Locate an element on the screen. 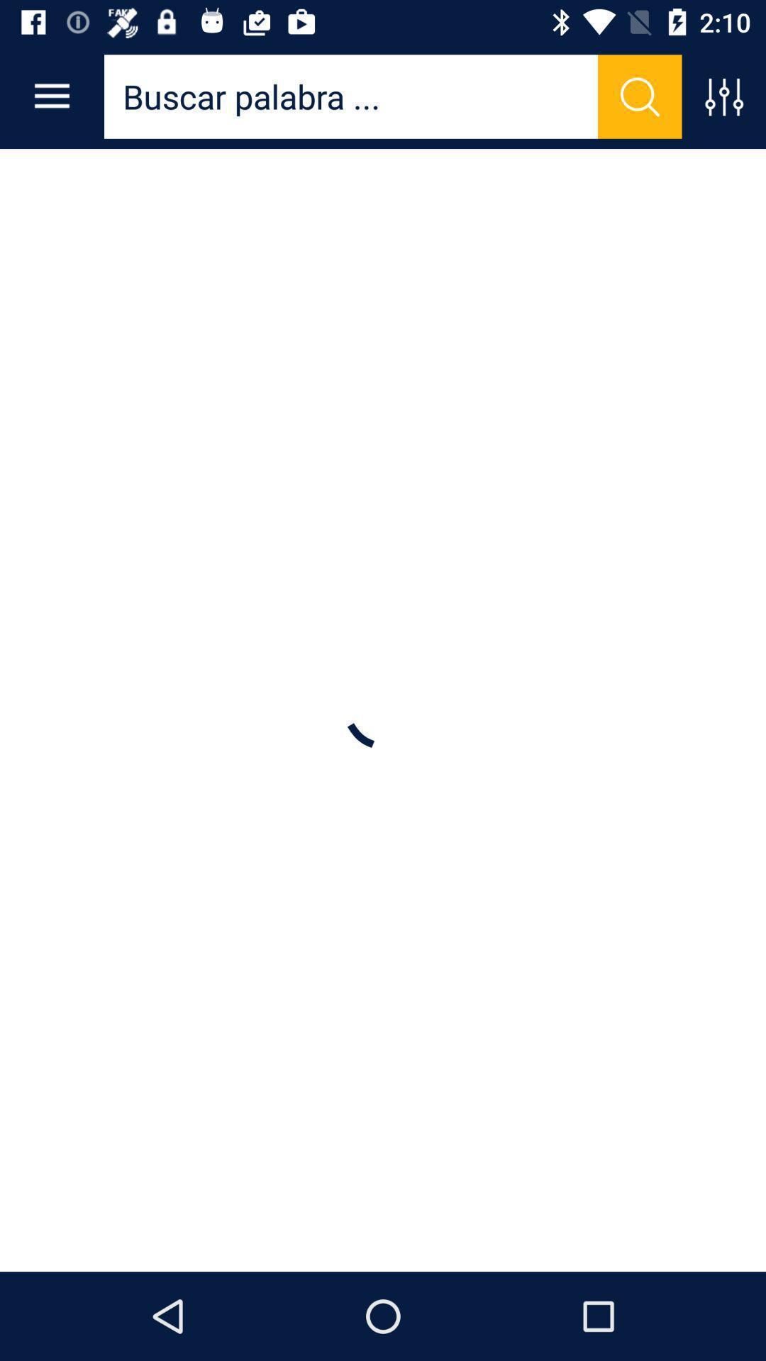  search is located at coordinates (640, 96).